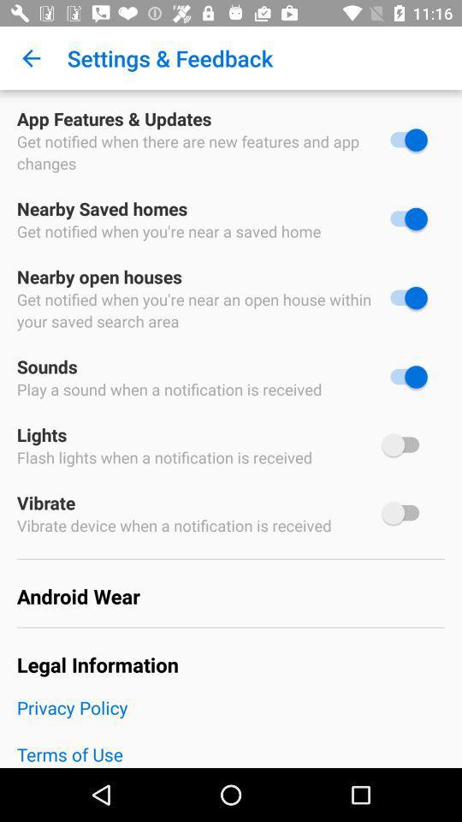  Describe the element at coordinates (231, 753) in the screenshot. I see `the terms of use item` at that location.